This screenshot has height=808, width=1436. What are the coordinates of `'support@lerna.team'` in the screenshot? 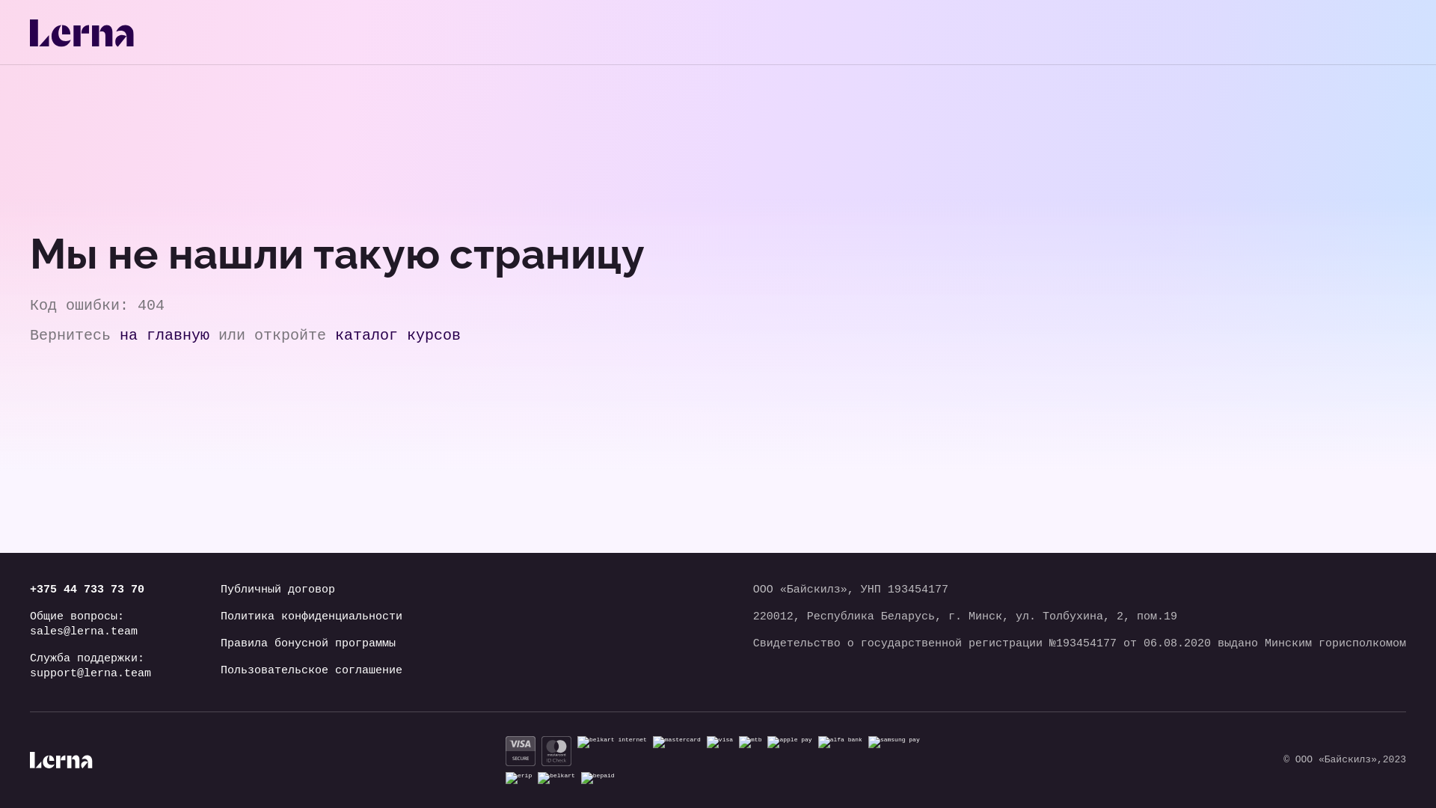 It's located at (89, 674).